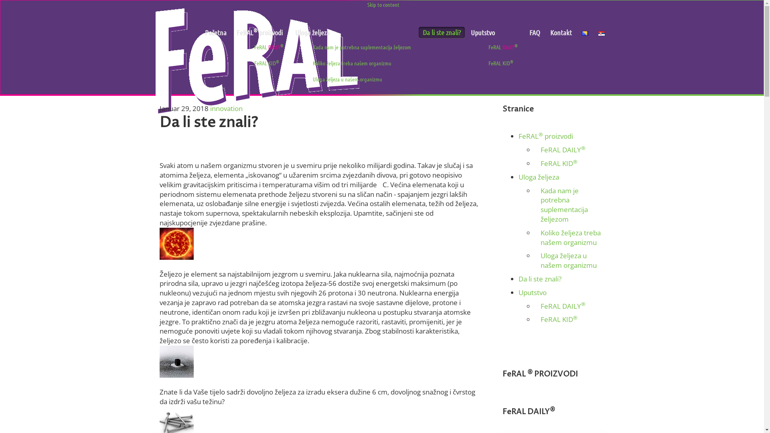 This screenshot has width=770, height=433. Describe the element at coordinates (585, 33) in the screenshot. I see `'Bosanski'` at that location.